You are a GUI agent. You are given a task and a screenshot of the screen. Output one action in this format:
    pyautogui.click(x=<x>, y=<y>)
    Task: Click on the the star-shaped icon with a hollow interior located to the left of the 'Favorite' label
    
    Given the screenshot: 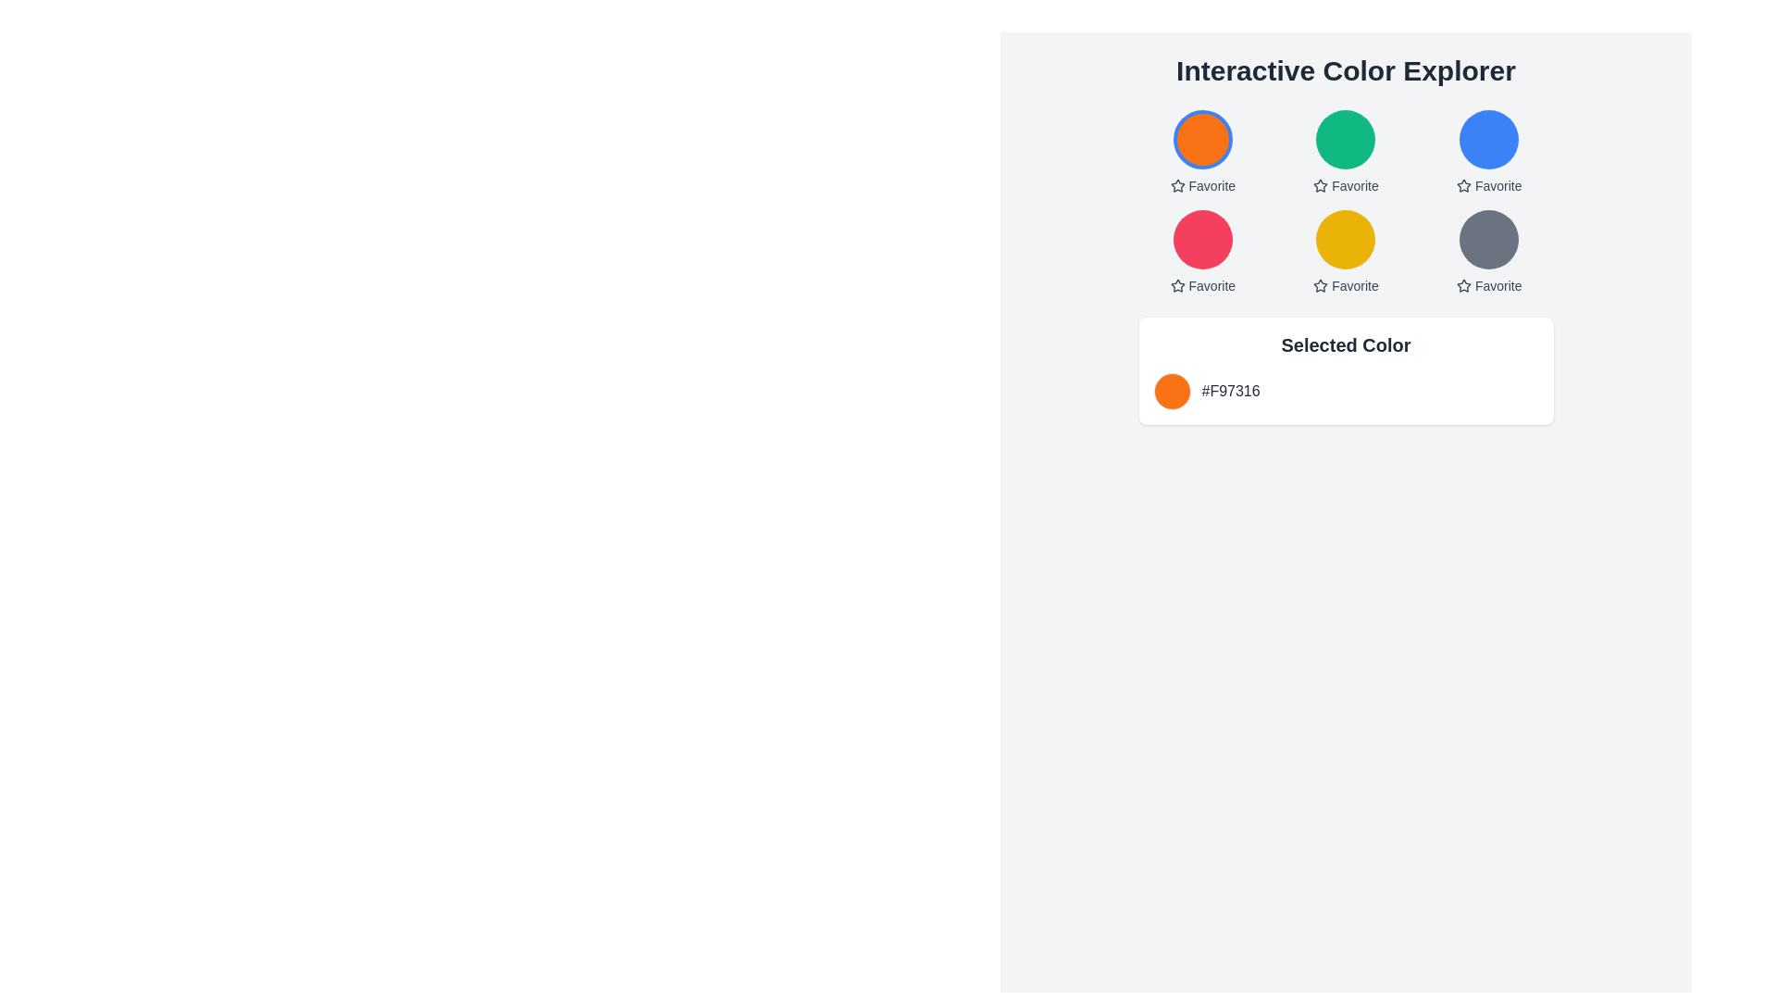 What is the action you would take?
    pyautogui.click(x=1320, y=285)
    